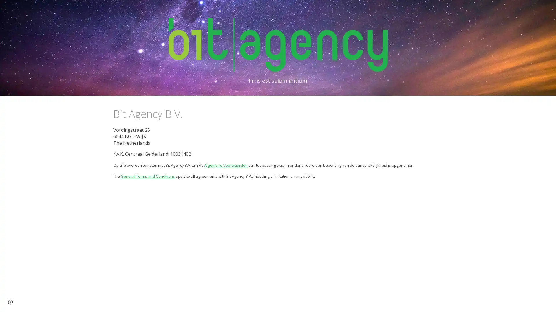 The width and height of the screenshot is (556, 312). What do you see at coordinates (189, 114) in the screenshot?
I see `Copy heading link` at bounding box center [189, 114].